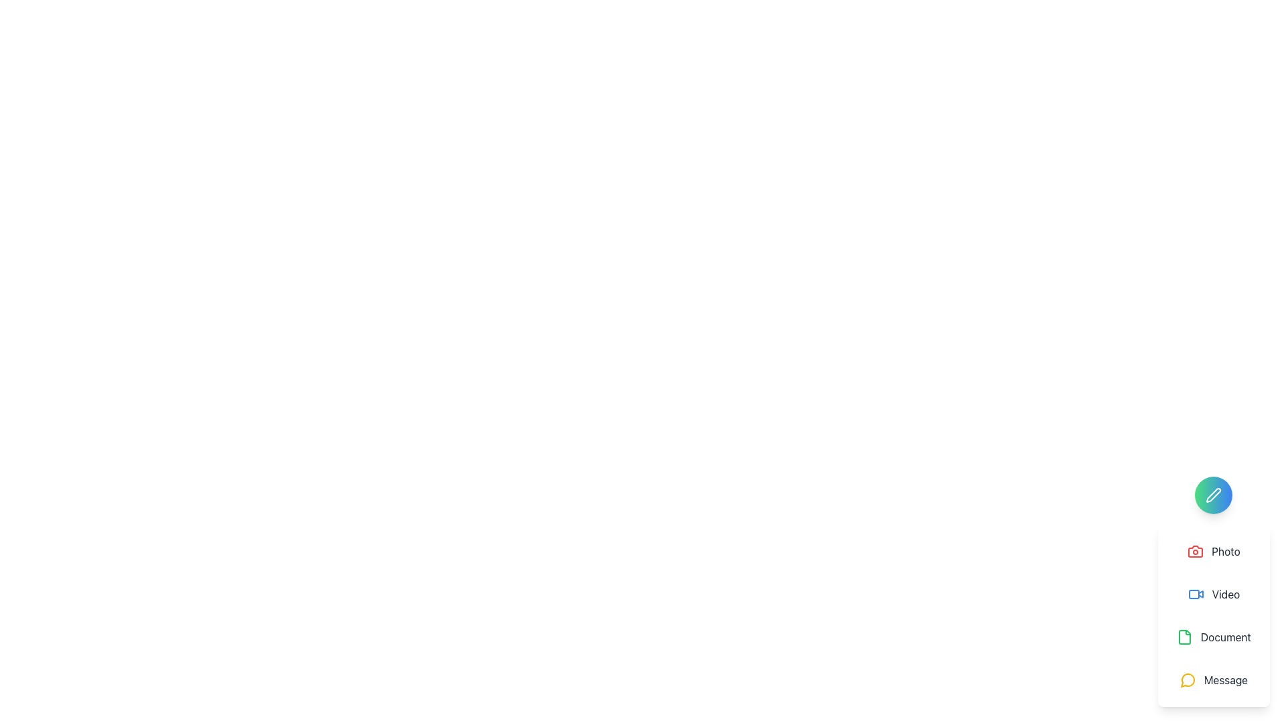  Describe the element at coordinates (1188, 680) in the screenshot. I see `the 'Message' SVG icon located at the bottom right of the vertical menu` at that location.